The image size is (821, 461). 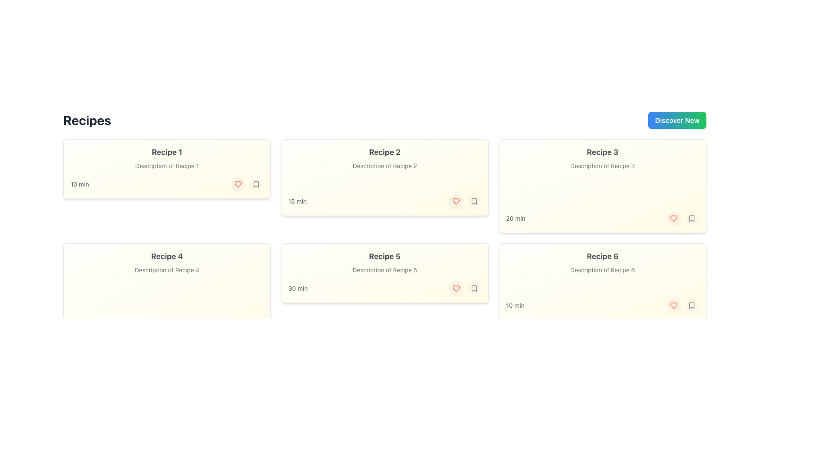 What do you see at coordinates (238, 184) in the screenshot?
I see `the Heart icon button located in the bottom right corner of the 'Recipe 2' card` at bounding box center [238, 184].